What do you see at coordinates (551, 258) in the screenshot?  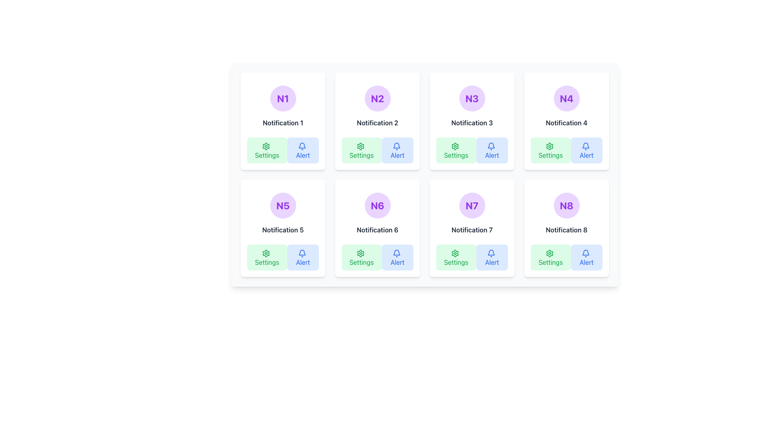 I see `the settings button located in the lower-left corner of the 'N8 Notification 8' card` at bounding box center [551, 258].